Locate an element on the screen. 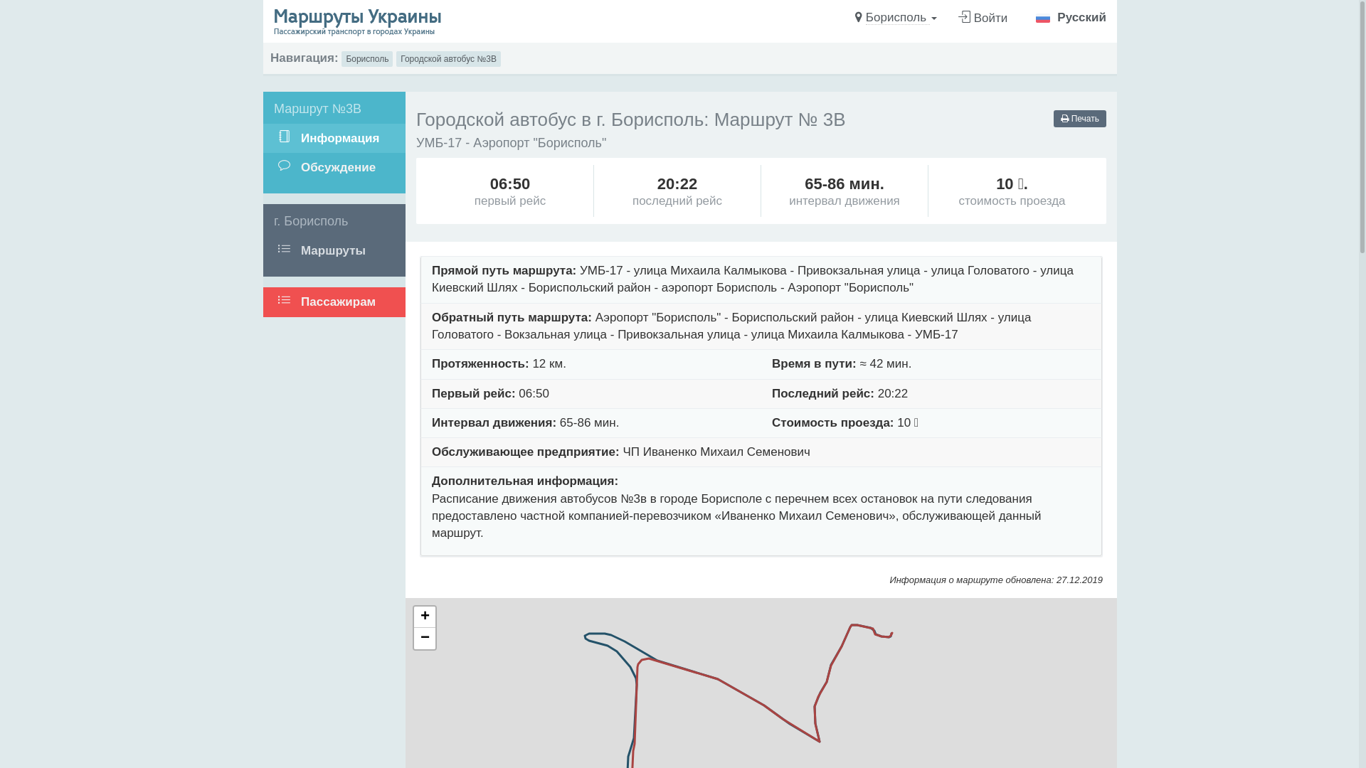 The image size is (1366, 768). '+' is located at coordinates (423, 616).